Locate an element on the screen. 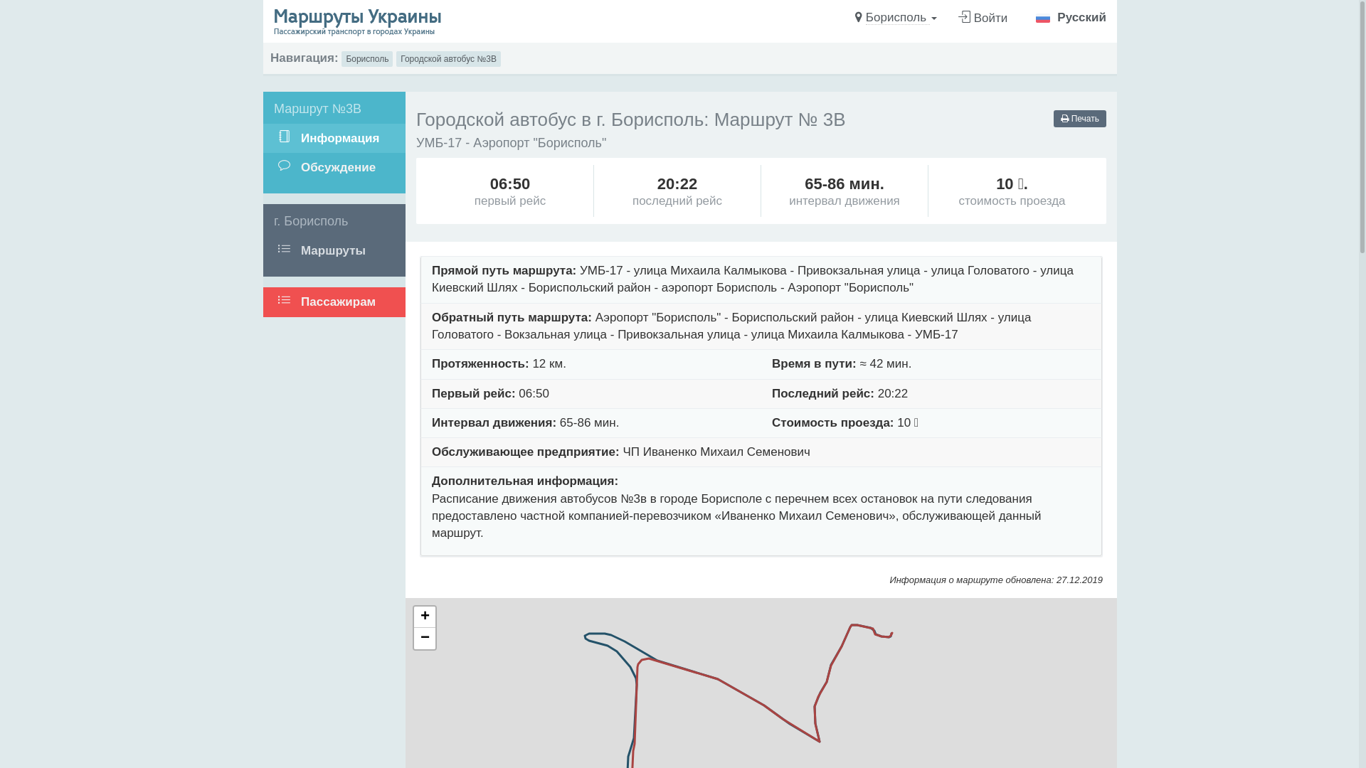 The image size is (1366, 768). '+' is located at coordinates (423, 616).